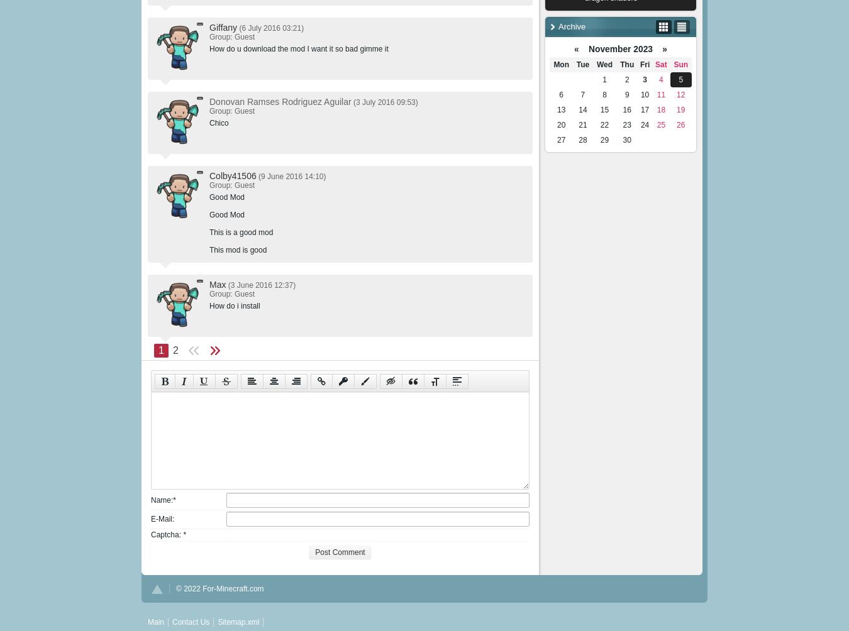 The image size is (849, 631). Describe the element at coordinates (645, 124) in the screenshot. I see `'24'` at that location.